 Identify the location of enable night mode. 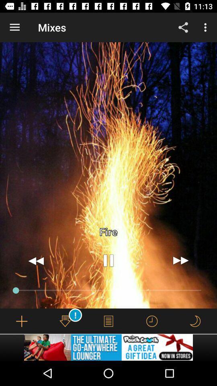
(194, 321).